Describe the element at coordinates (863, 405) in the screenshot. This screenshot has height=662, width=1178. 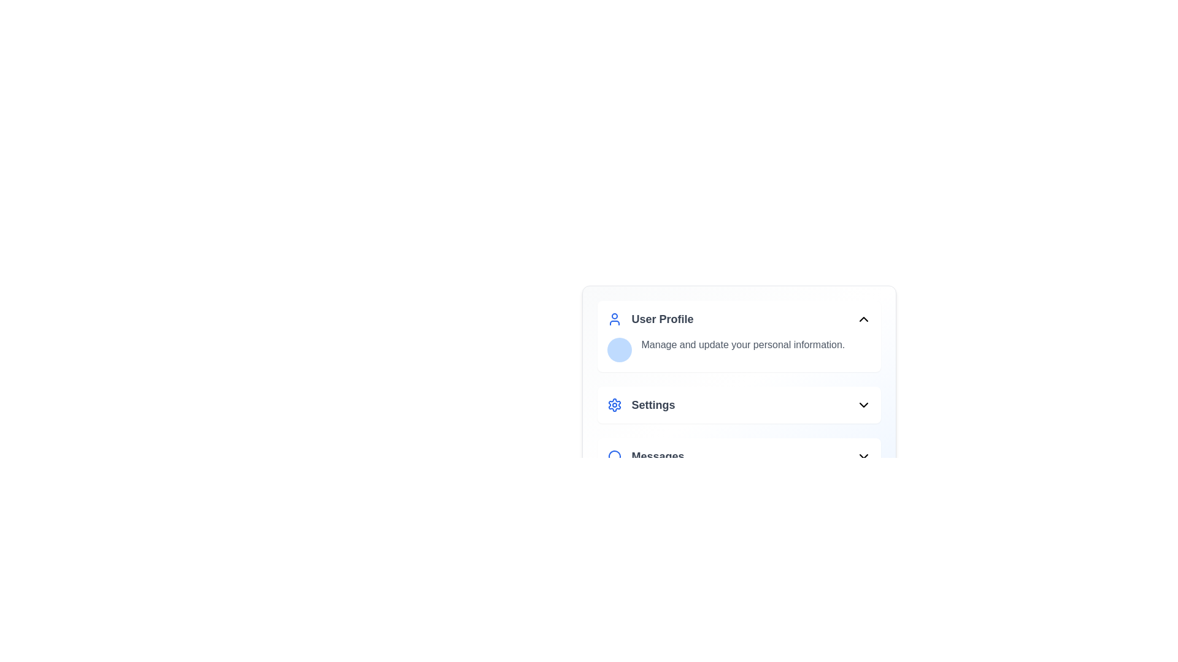
I see `the chevron-down icon located to the far-right of the 'Settings' text` at that location.